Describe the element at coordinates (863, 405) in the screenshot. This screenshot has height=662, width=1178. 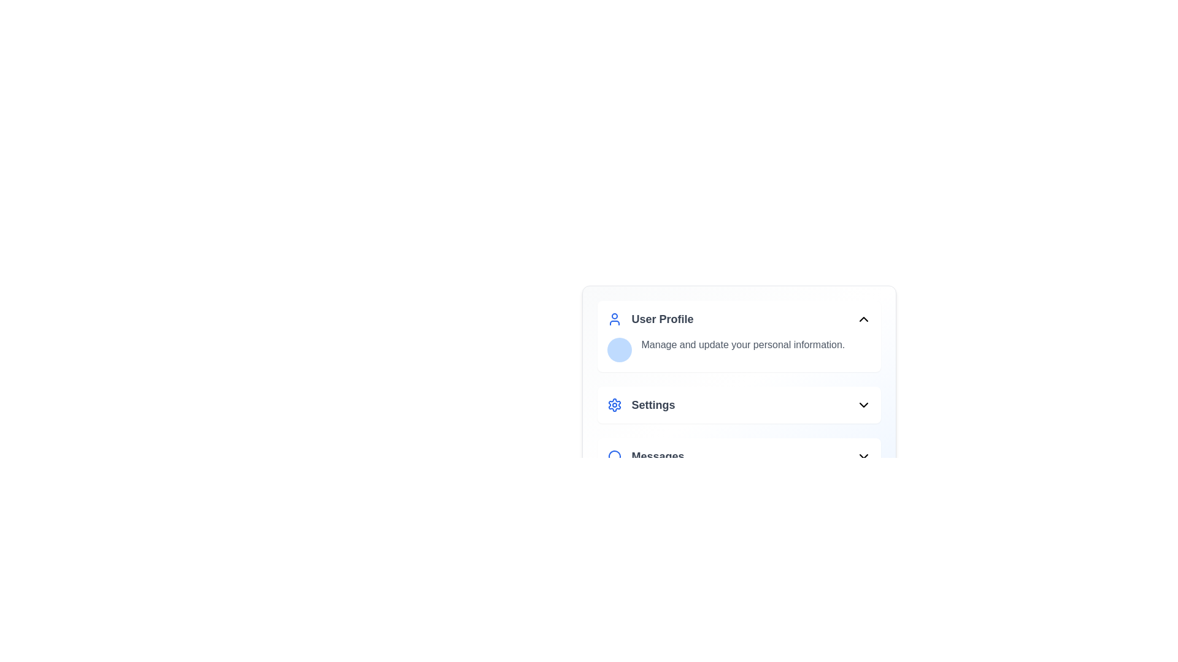
I see `the chevron-down icon located to the far-right of the 'Settings' text` at that location.